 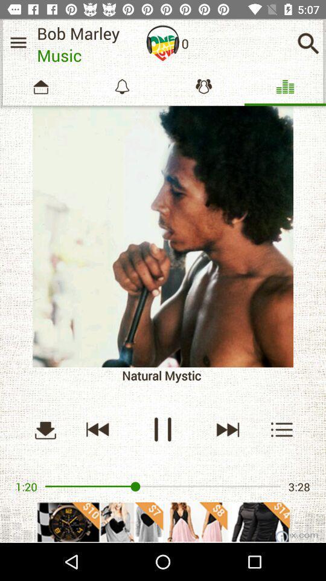 What do you see at coordinates (227, 429) in the screenshot?
I see `forward` at bounding box center [227, 429].